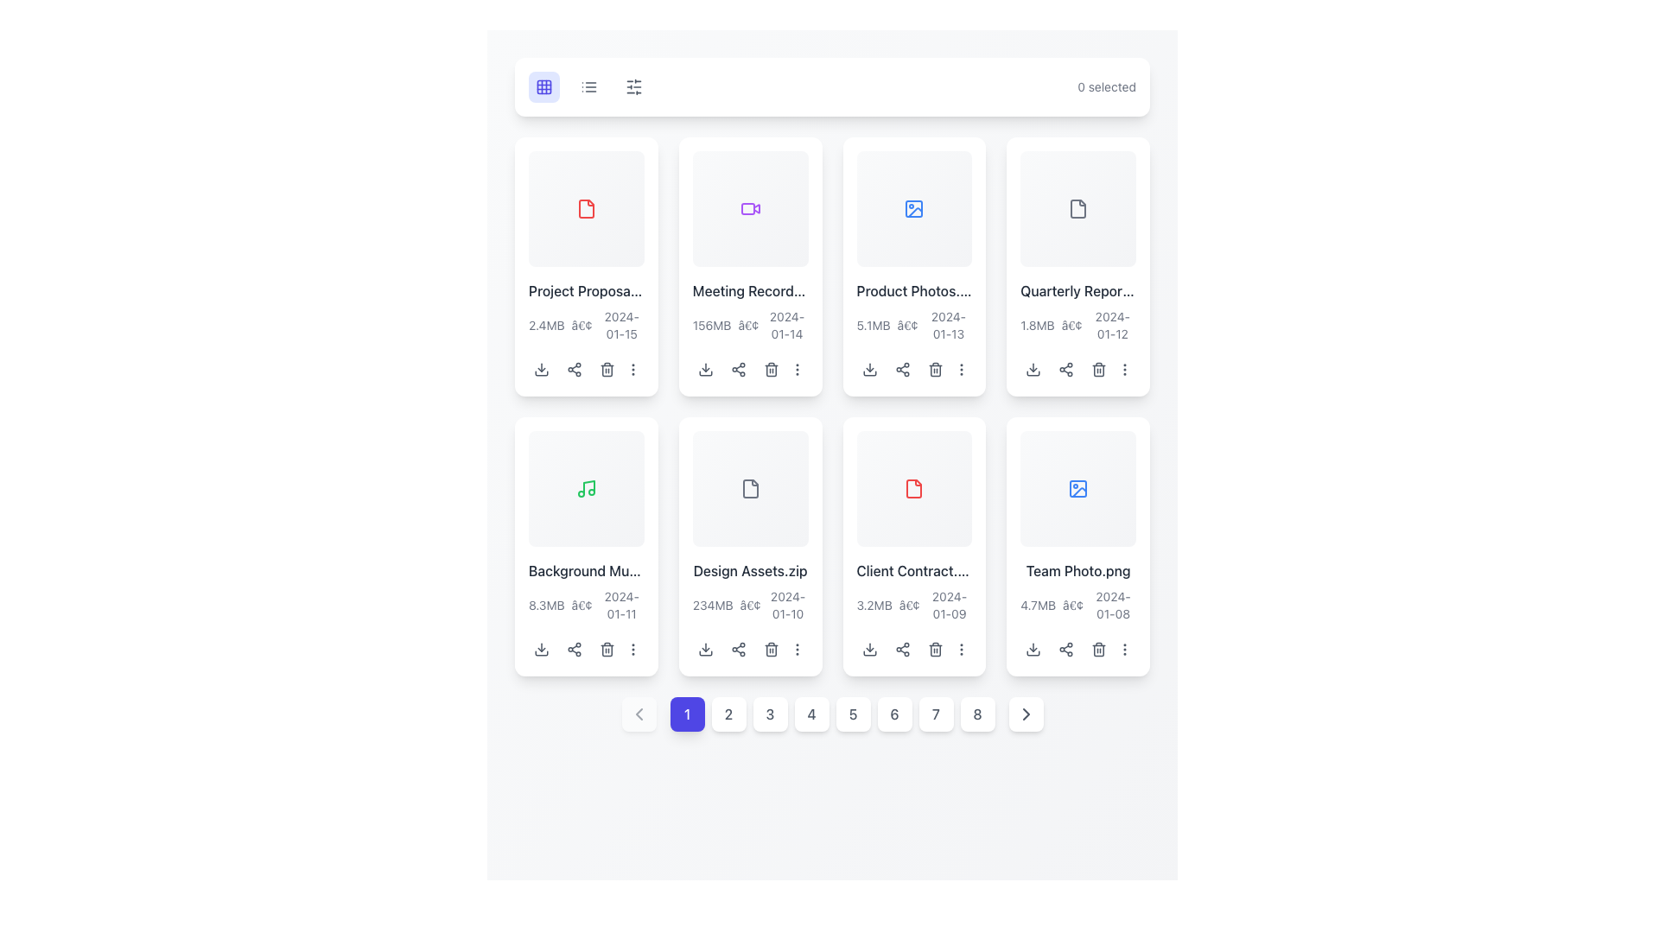 This screenshot has height=933, width=1659. What do you see at coordinates (728, 714) in the screenshot?
I see `the square-shaped button with rounded corners that has the number '2' centered in dark gray font, located` at bounding box center [728, 714].